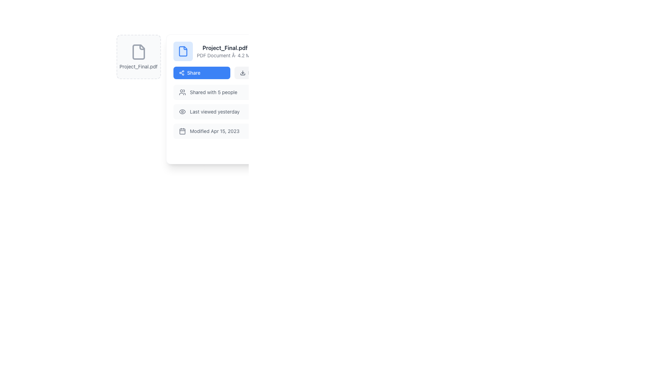 This screenshot has height=375, width=666. I want to click on the icon indicating shared content located to the left of the 'Shared with 5 people' text, so click(182, 92).